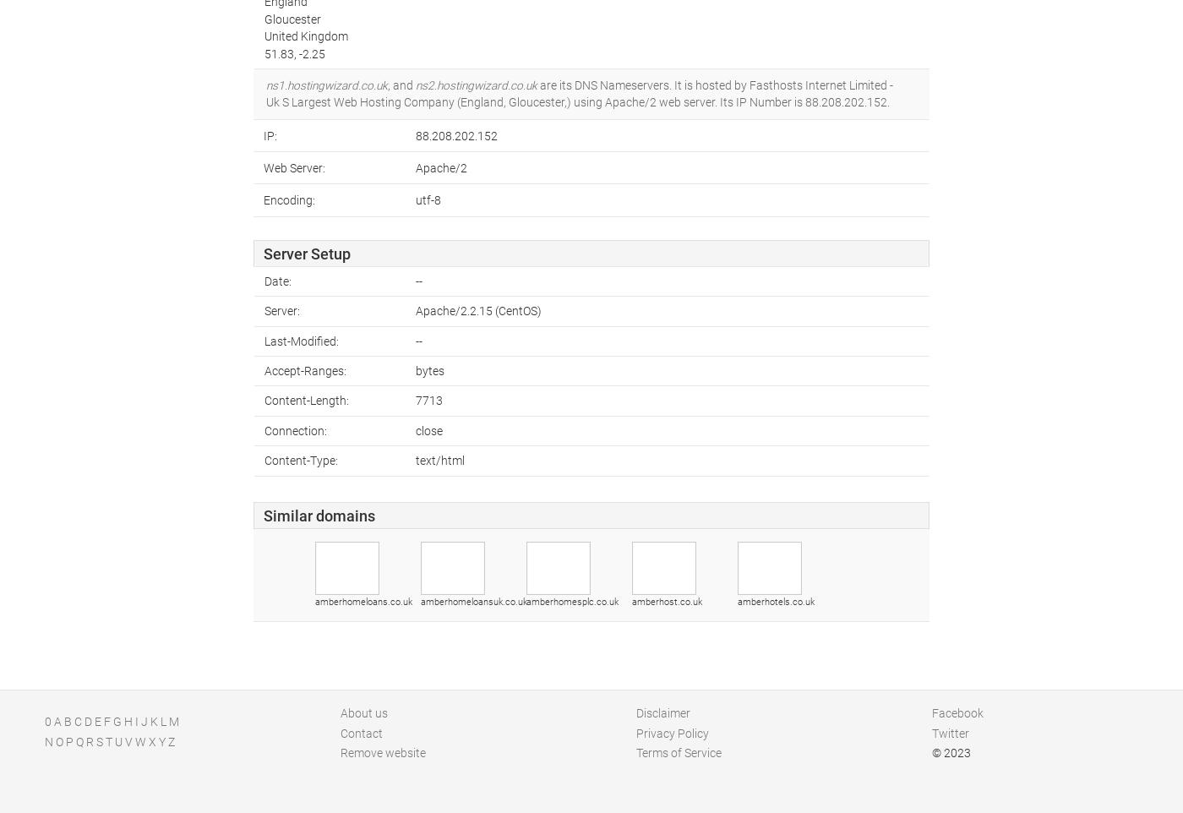  I want to click on 'Privacy Policy', so click(673, 731).